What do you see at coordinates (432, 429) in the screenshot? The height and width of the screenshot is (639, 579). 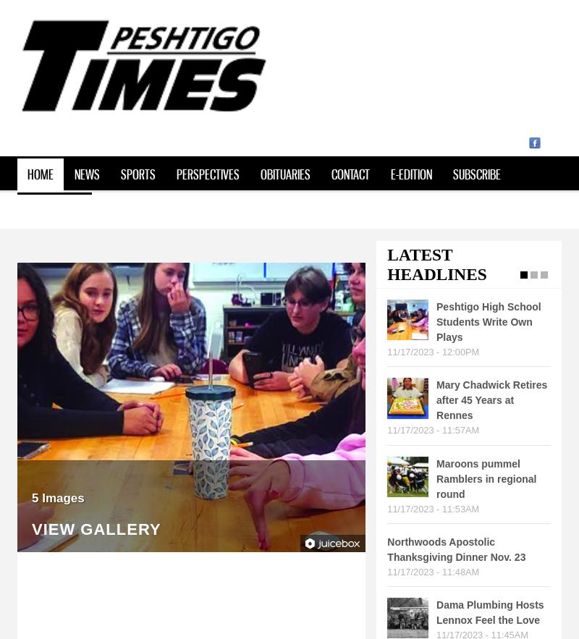 I see `'11/17/2023 - 11:57am'` at bounding box center [432, 429].